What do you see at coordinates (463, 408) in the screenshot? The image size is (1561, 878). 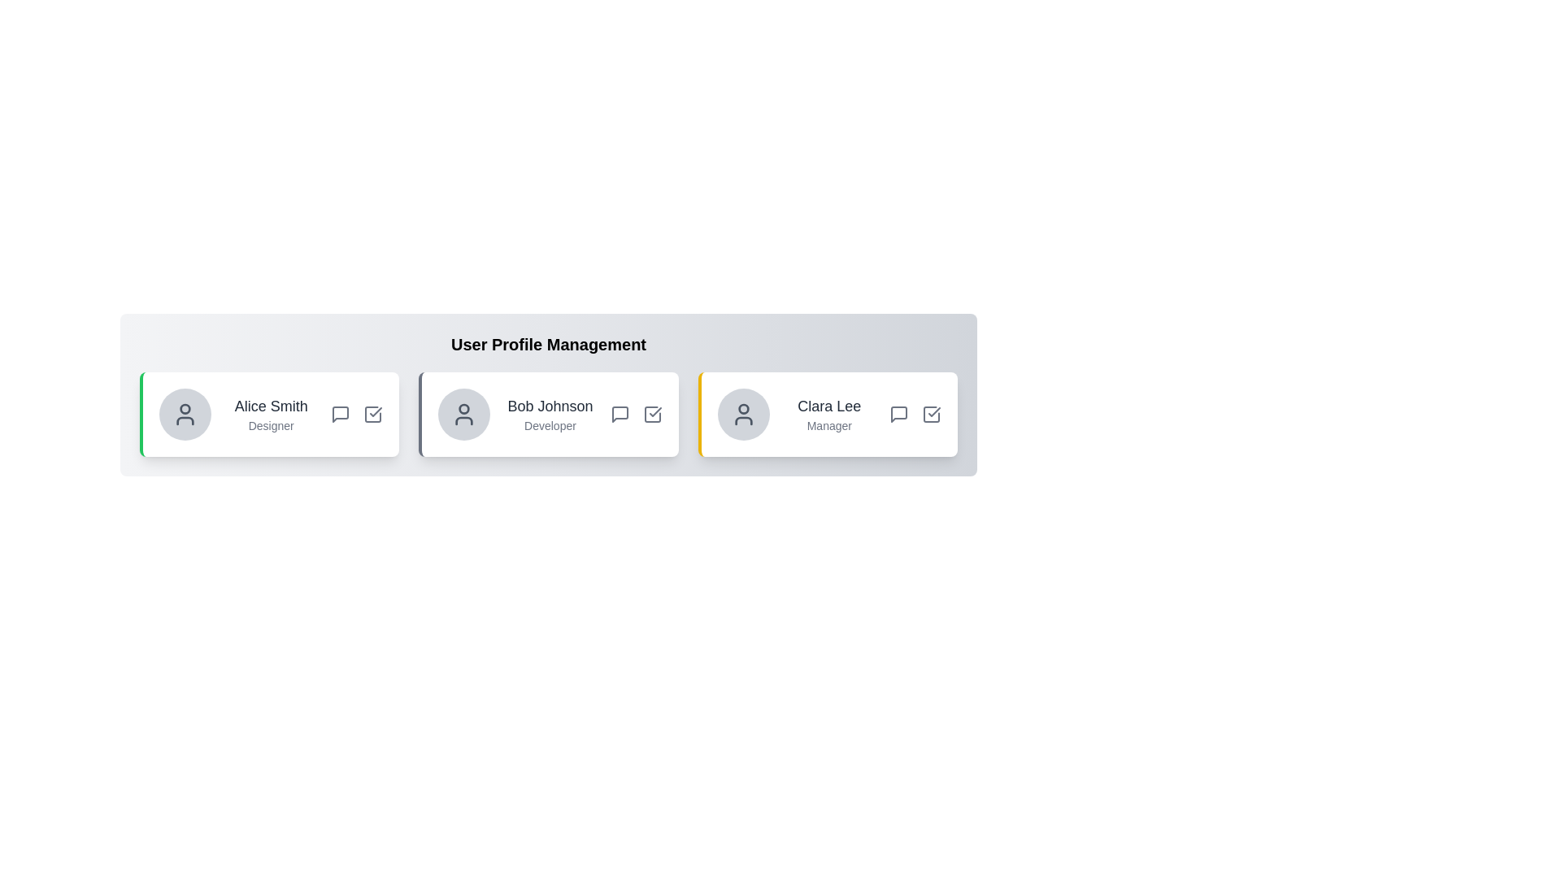 I see `the avatar icon of the user profile 'Bob Johnson' located in the second card of the horizontally arranged user profile cards` at bounding box center [463, 408].